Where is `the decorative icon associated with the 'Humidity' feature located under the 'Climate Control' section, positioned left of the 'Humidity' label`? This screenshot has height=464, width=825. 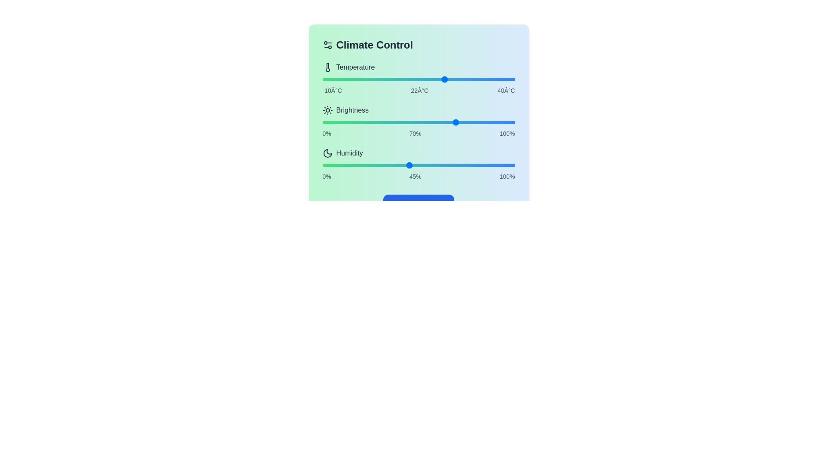
the decorative icon associated with the 'Humidity' feature located under the 'Climate Control' section, positioned left of the 'Humidity' label is located at coordinates (327, 153).